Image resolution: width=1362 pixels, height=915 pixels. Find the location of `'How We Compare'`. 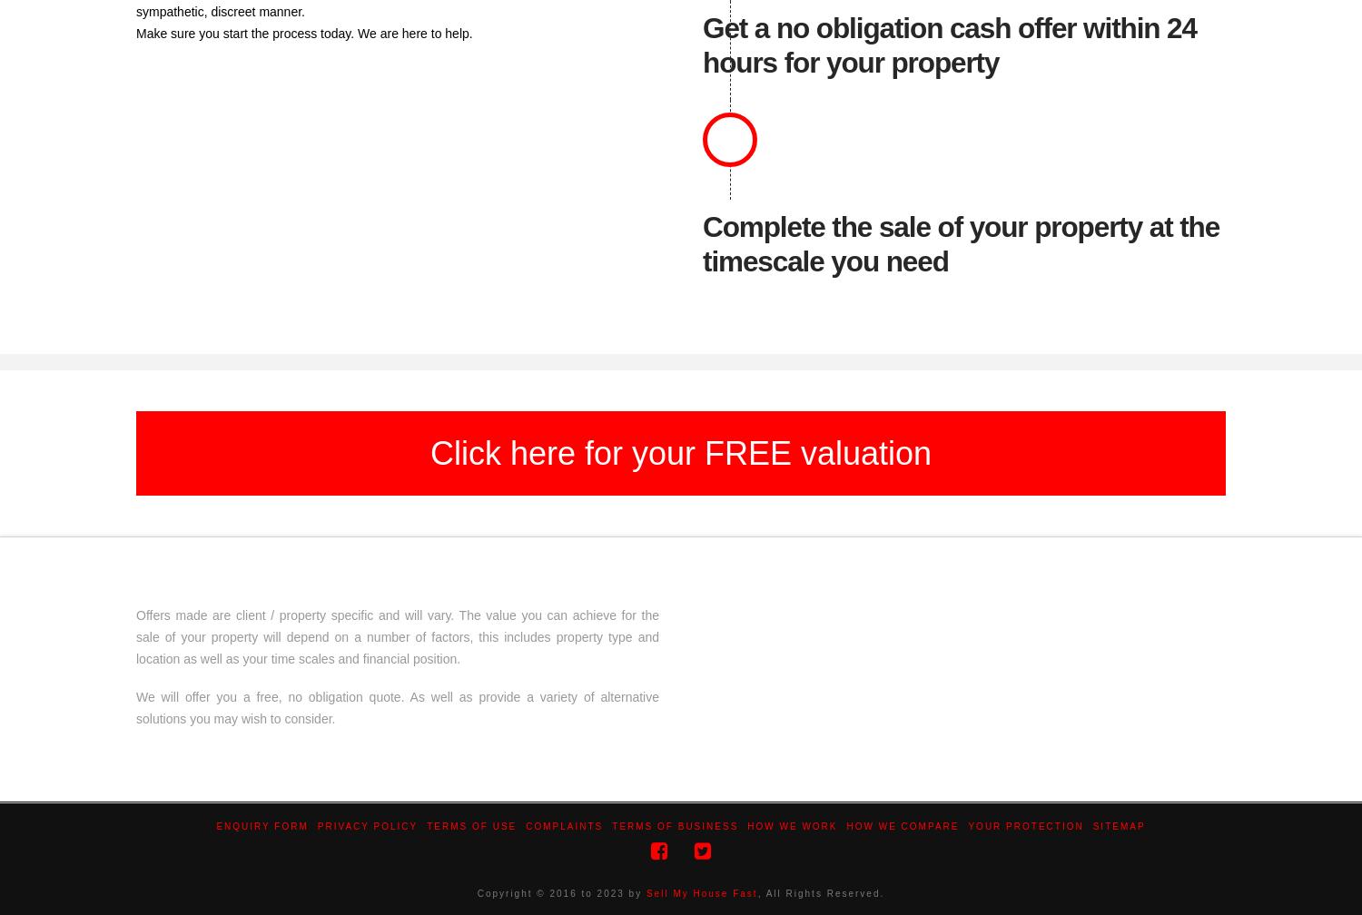

'How We Compare' is located at coordinates (902, 826).